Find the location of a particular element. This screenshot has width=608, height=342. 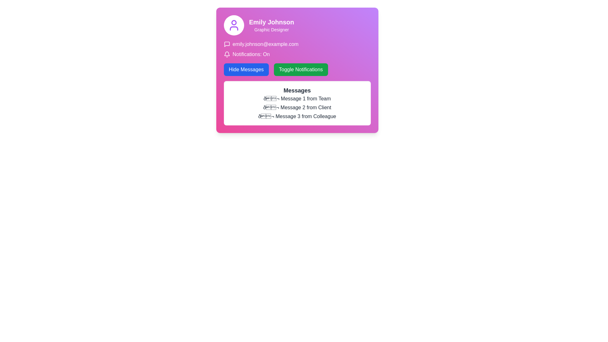

the content of the messages displayed in the 'Messages' section, which is a white card area showing notifications and communication updates is located at coordinates (297, 107).